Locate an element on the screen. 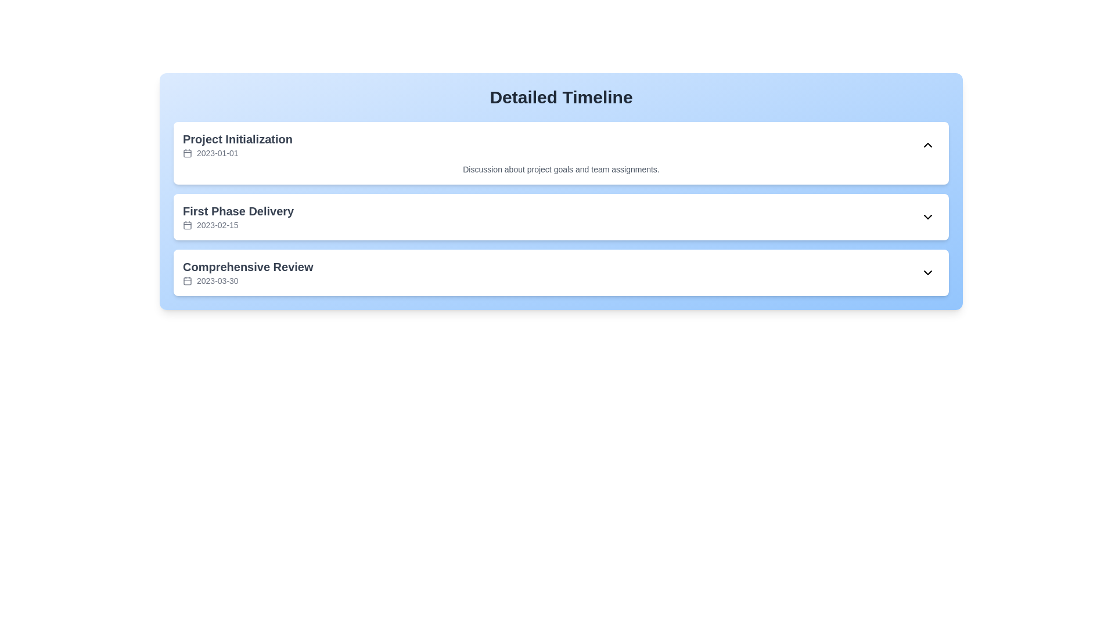 The width and height of the screenshot is (1115, 627). the static text label displaying 'Comprehensive Review' in bold, large, dark gray font, positioned at the top of the third timeline entry box is located at coordinates (247, 266).